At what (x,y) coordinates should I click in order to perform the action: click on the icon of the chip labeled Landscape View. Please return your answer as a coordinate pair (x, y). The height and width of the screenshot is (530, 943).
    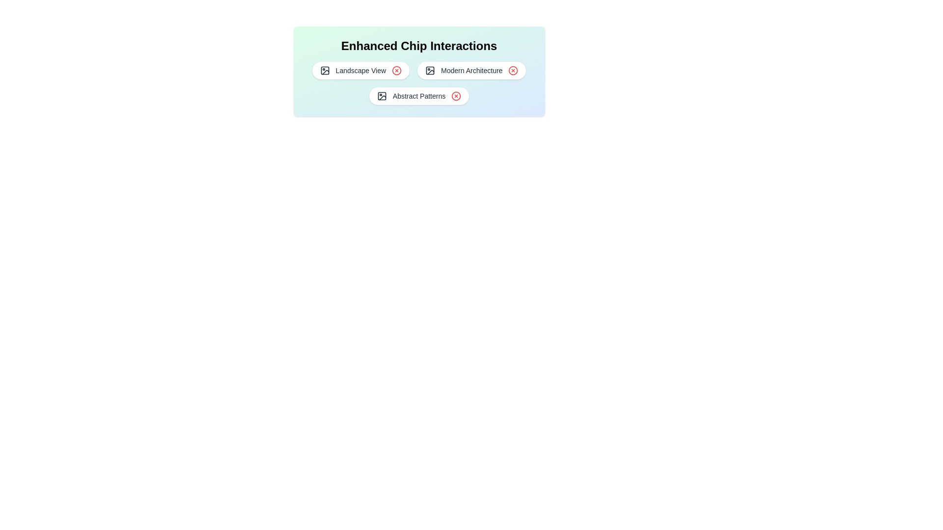
    Looking at the image, I should click on (325, 70).